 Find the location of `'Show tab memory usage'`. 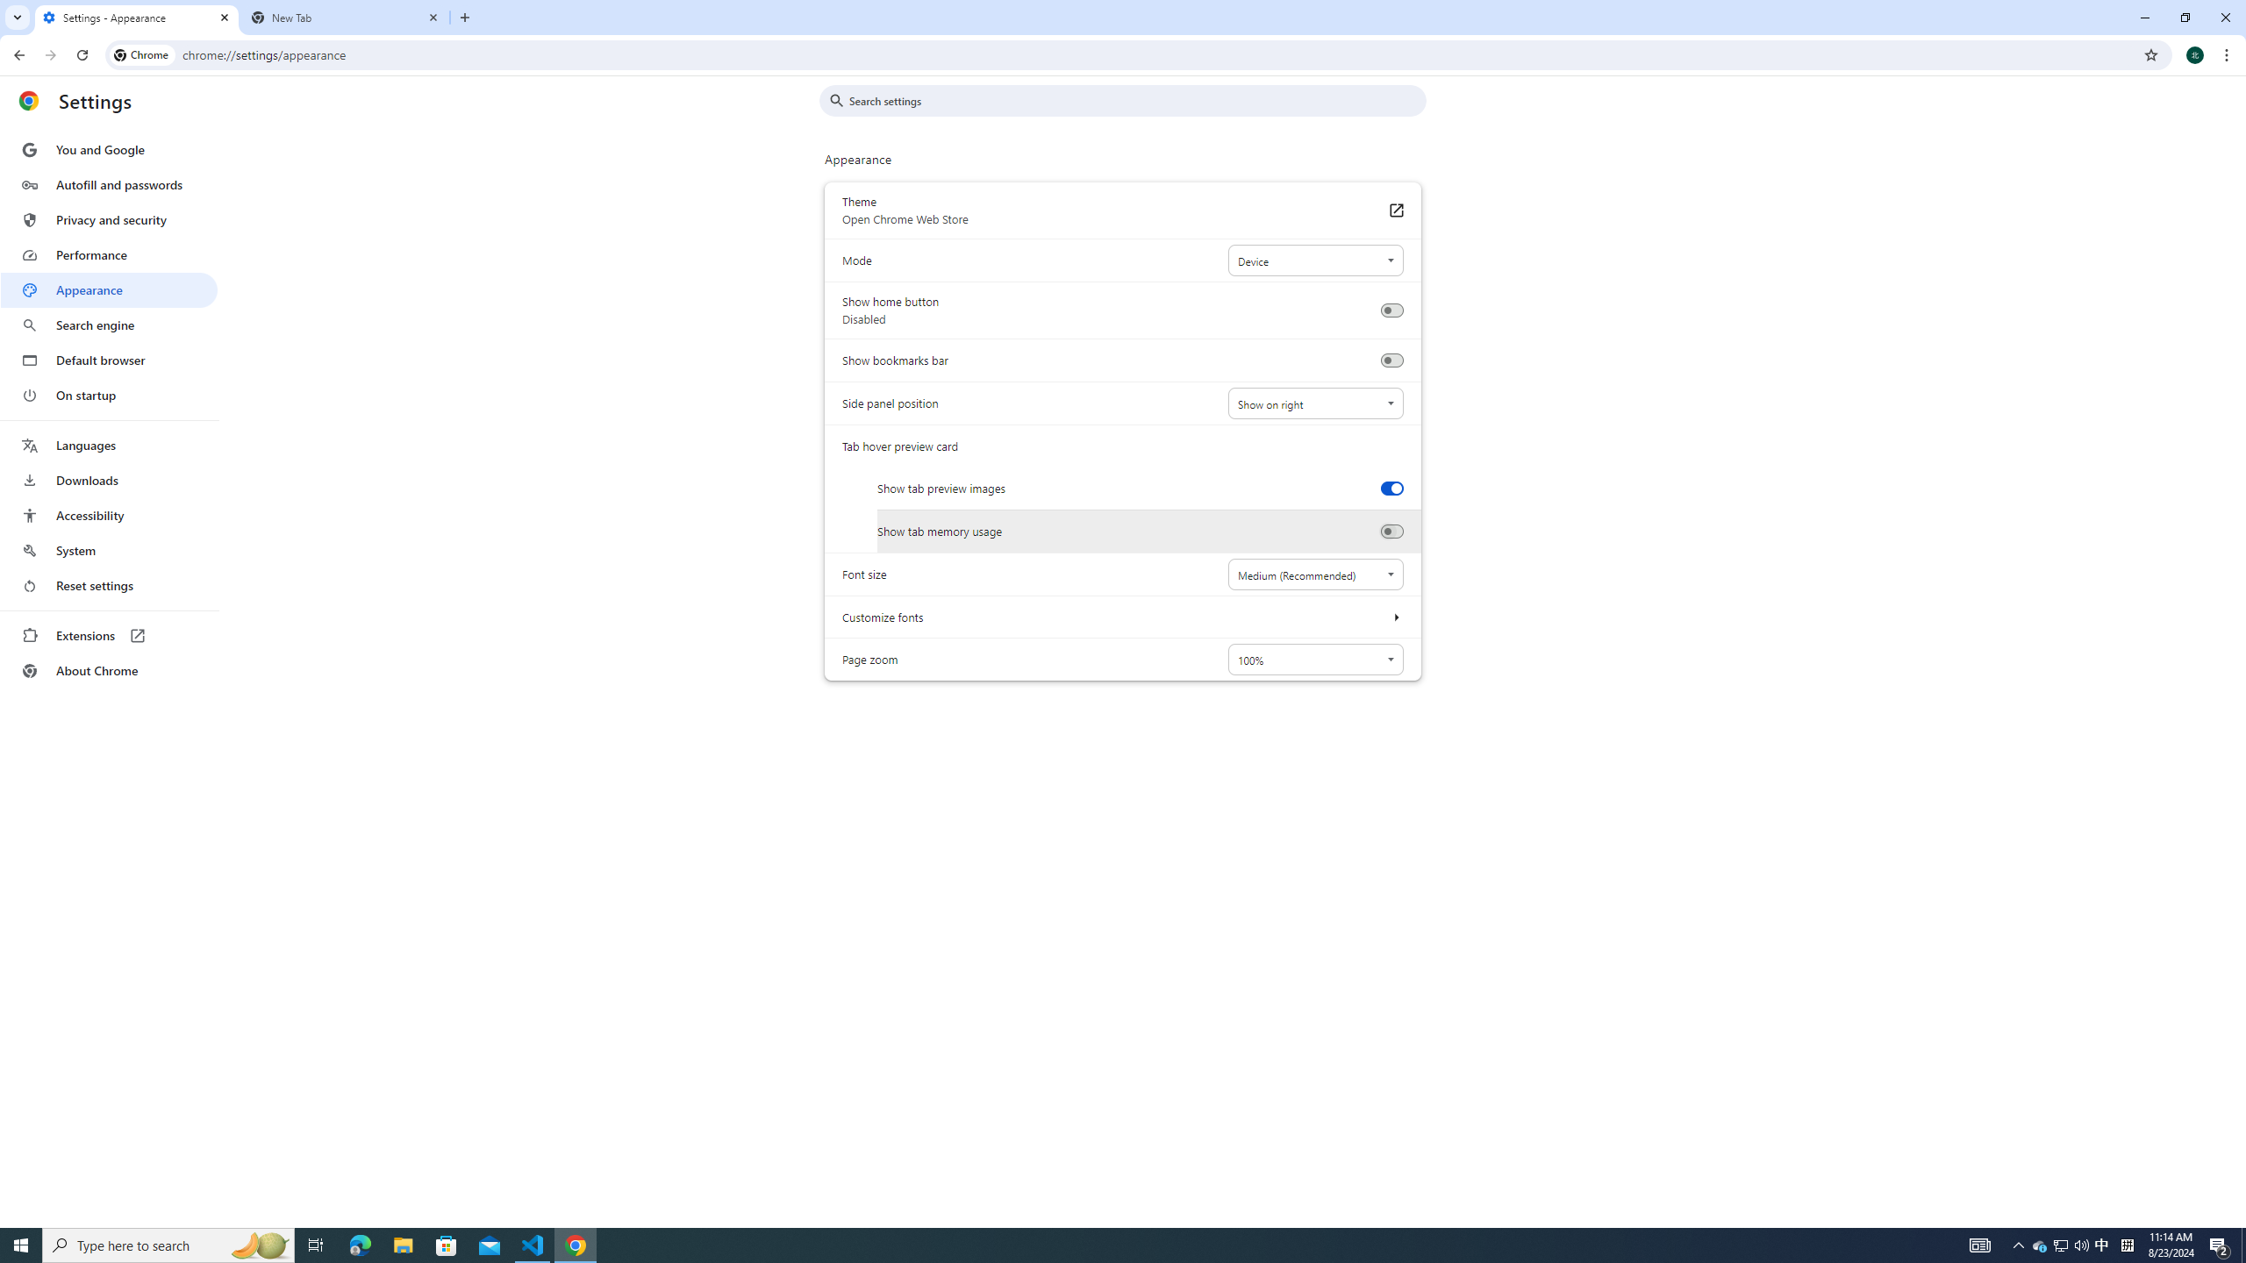

'Show tab memory usage' is located at coordinates (1391, 531).